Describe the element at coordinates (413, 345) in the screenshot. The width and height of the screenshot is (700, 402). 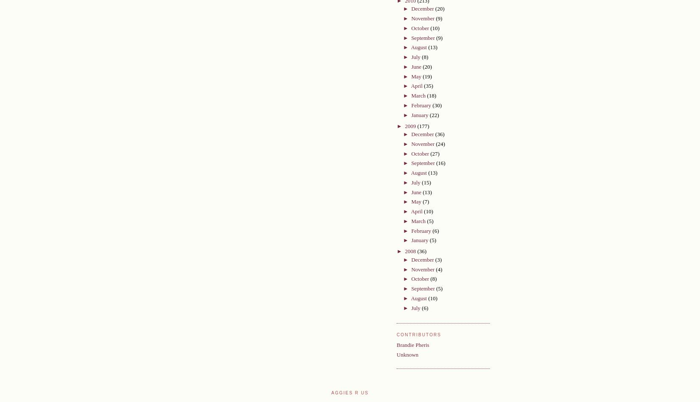
I see `'Brandie Pheris'` at that location.